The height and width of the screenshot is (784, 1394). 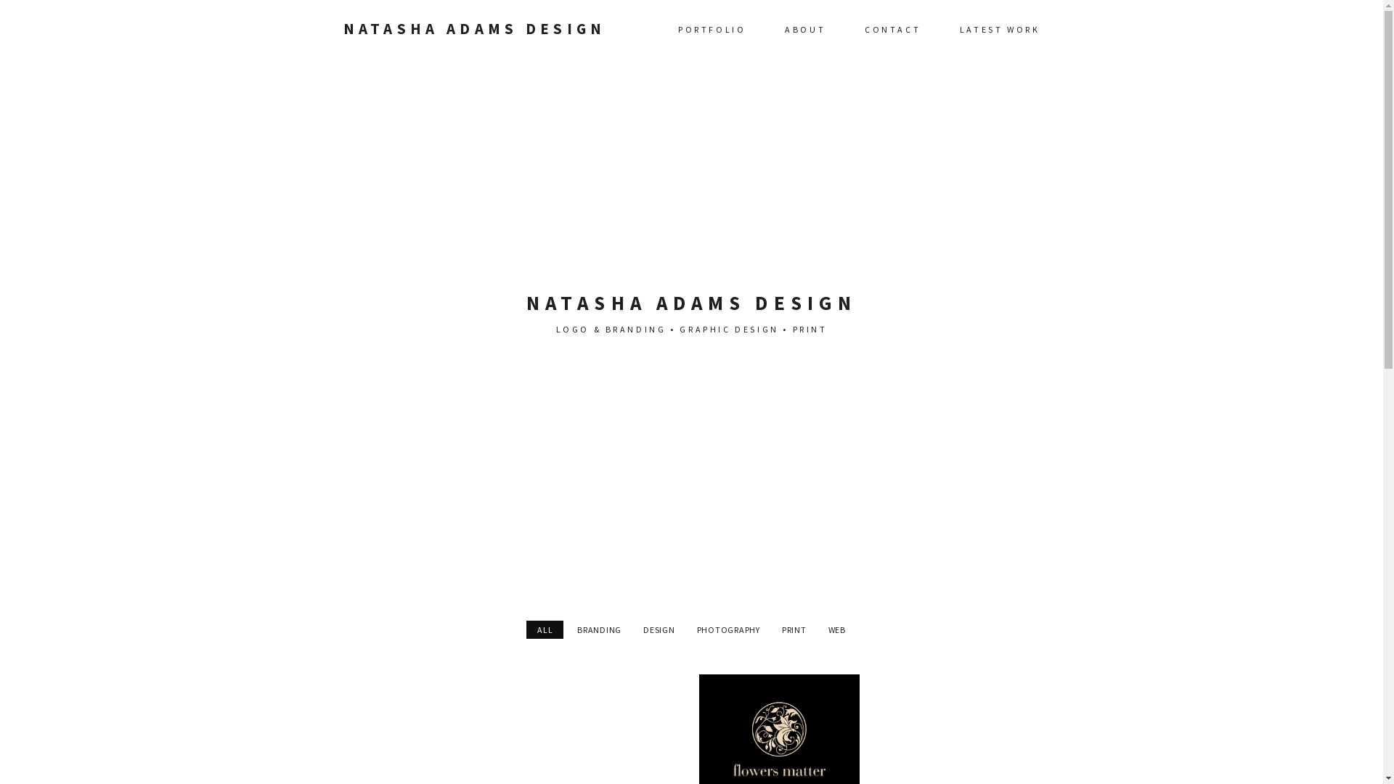 I want to click on 'LATEST WORK', so click(x=999, y=28).